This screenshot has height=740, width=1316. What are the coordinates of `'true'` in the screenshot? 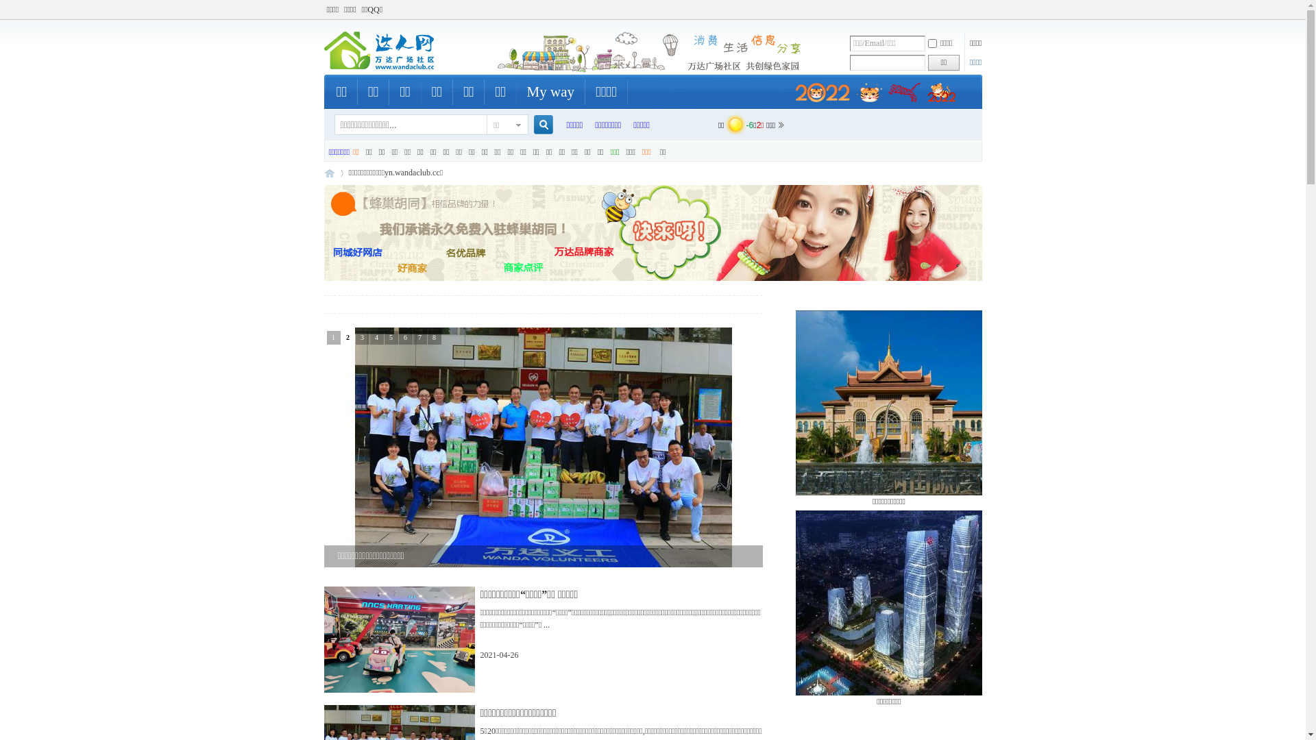 It's located at (537, 125).